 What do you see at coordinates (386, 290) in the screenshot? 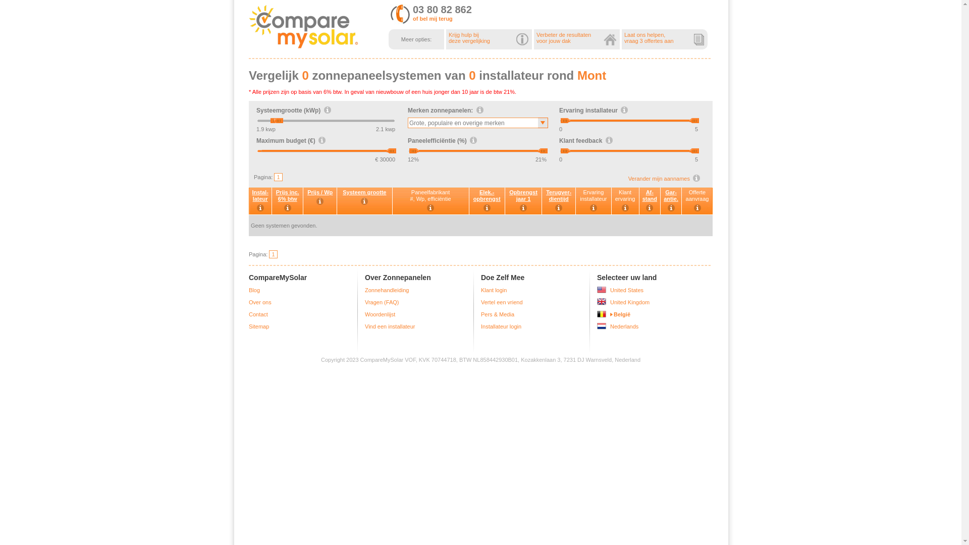
I see `'Zonnehandleiding'` at bounding box center [386, 290].